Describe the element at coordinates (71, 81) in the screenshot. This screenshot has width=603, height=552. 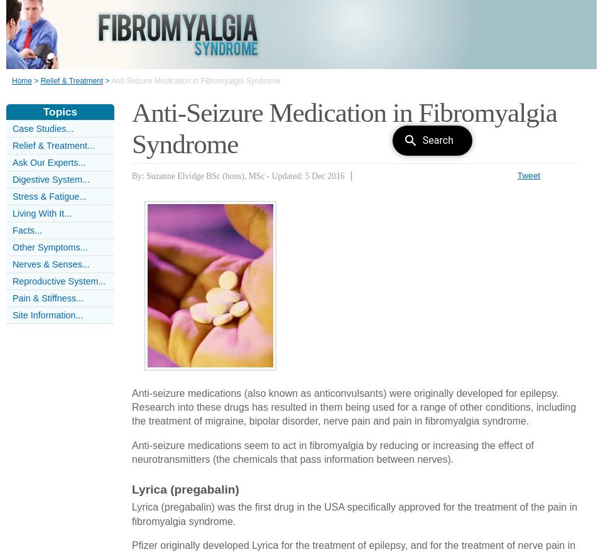
I see `'Relief & Treatment'` at that location.